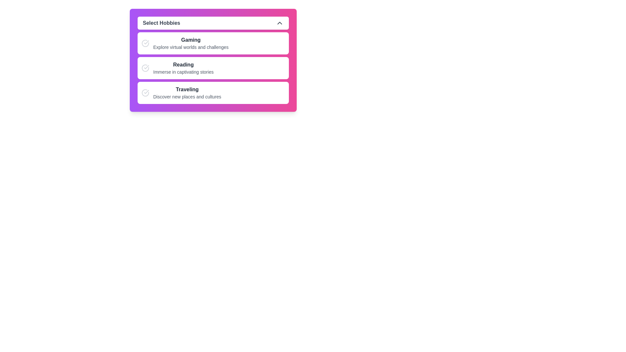 Image resolution: width=626 pixels, height=352 pixels. I want to click on description text label located beneath the 'Gaming' title within the first card of a vertical list, which serves as an explanatory text for the category, so click(190, 47).